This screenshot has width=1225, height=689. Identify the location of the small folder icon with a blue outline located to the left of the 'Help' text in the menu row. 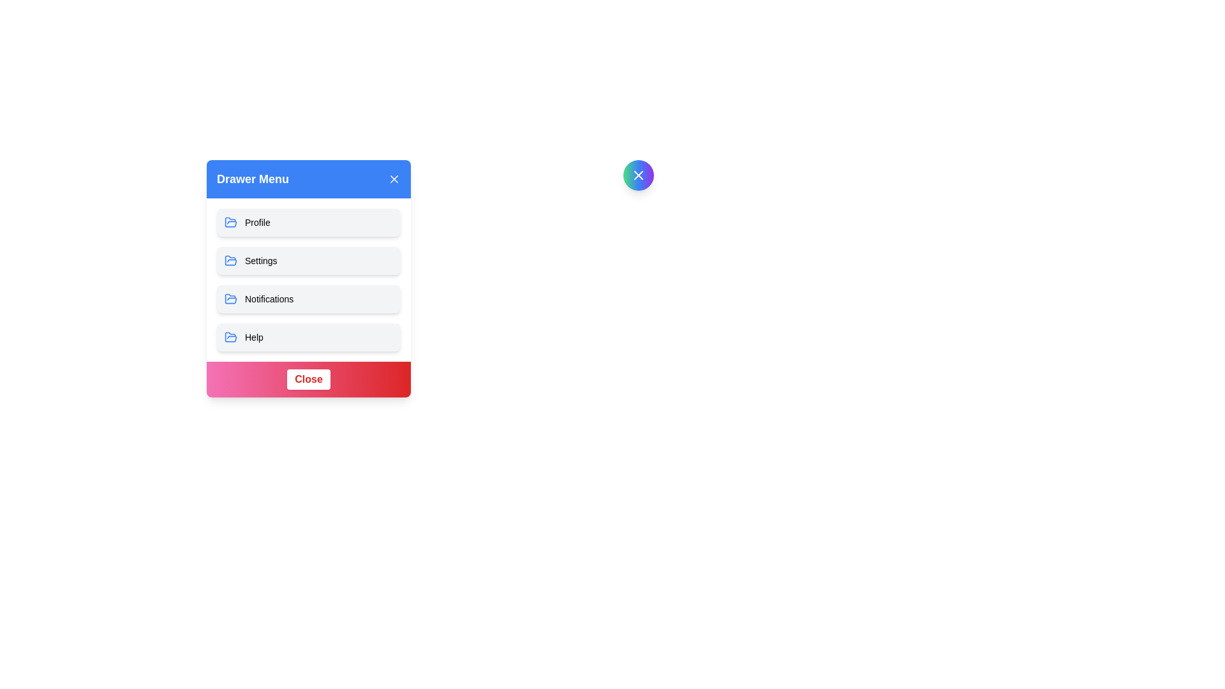
(230, 336).